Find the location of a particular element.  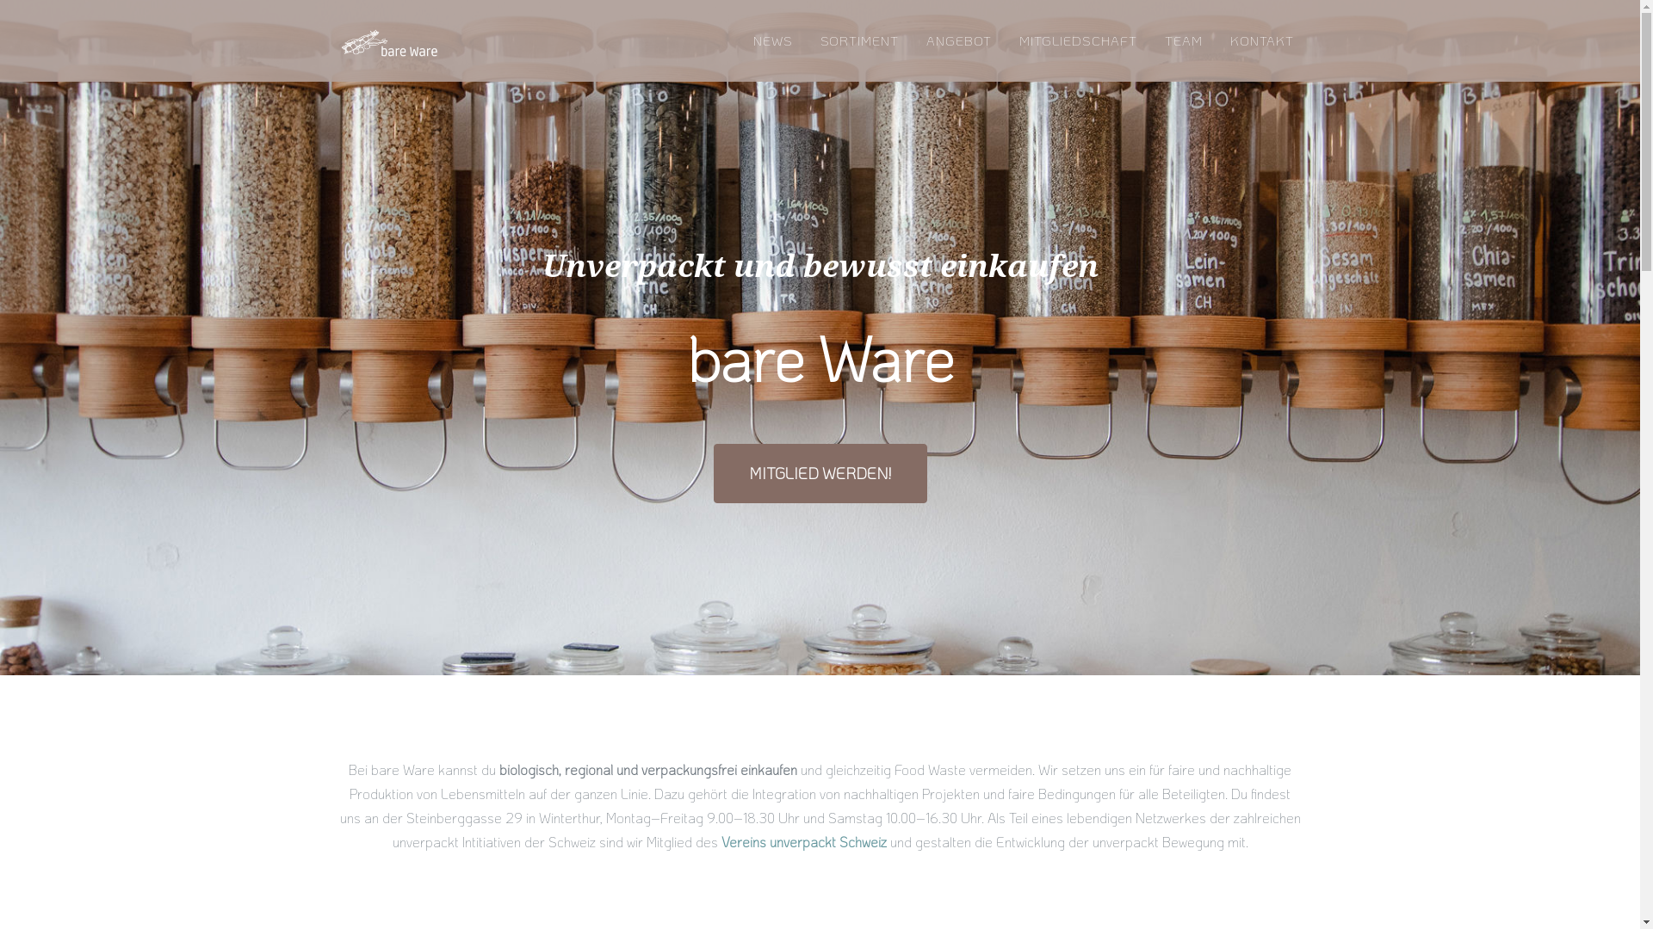

'Vereins unverpackt Schweiz' is located at coordinates (721, 840).